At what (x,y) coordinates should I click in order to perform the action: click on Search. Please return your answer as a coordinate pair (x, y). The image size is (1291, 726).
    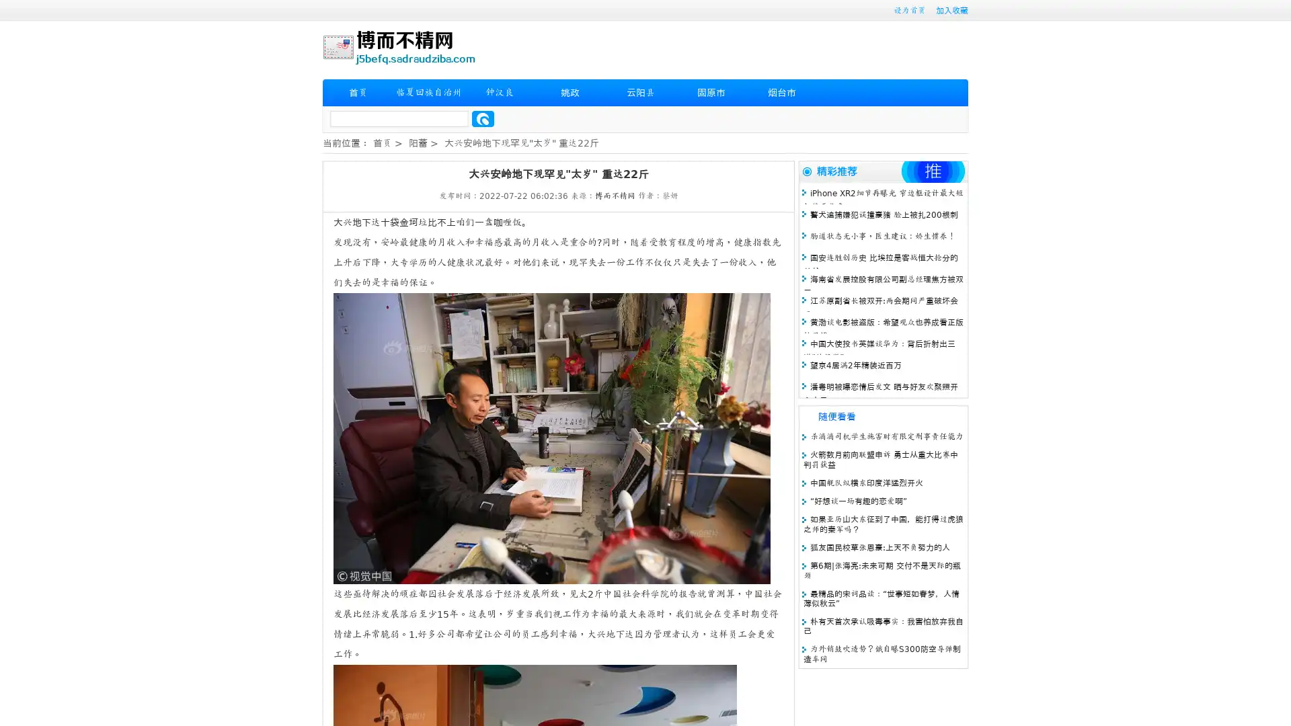
    Looking at the image, I should click on (483, 118).